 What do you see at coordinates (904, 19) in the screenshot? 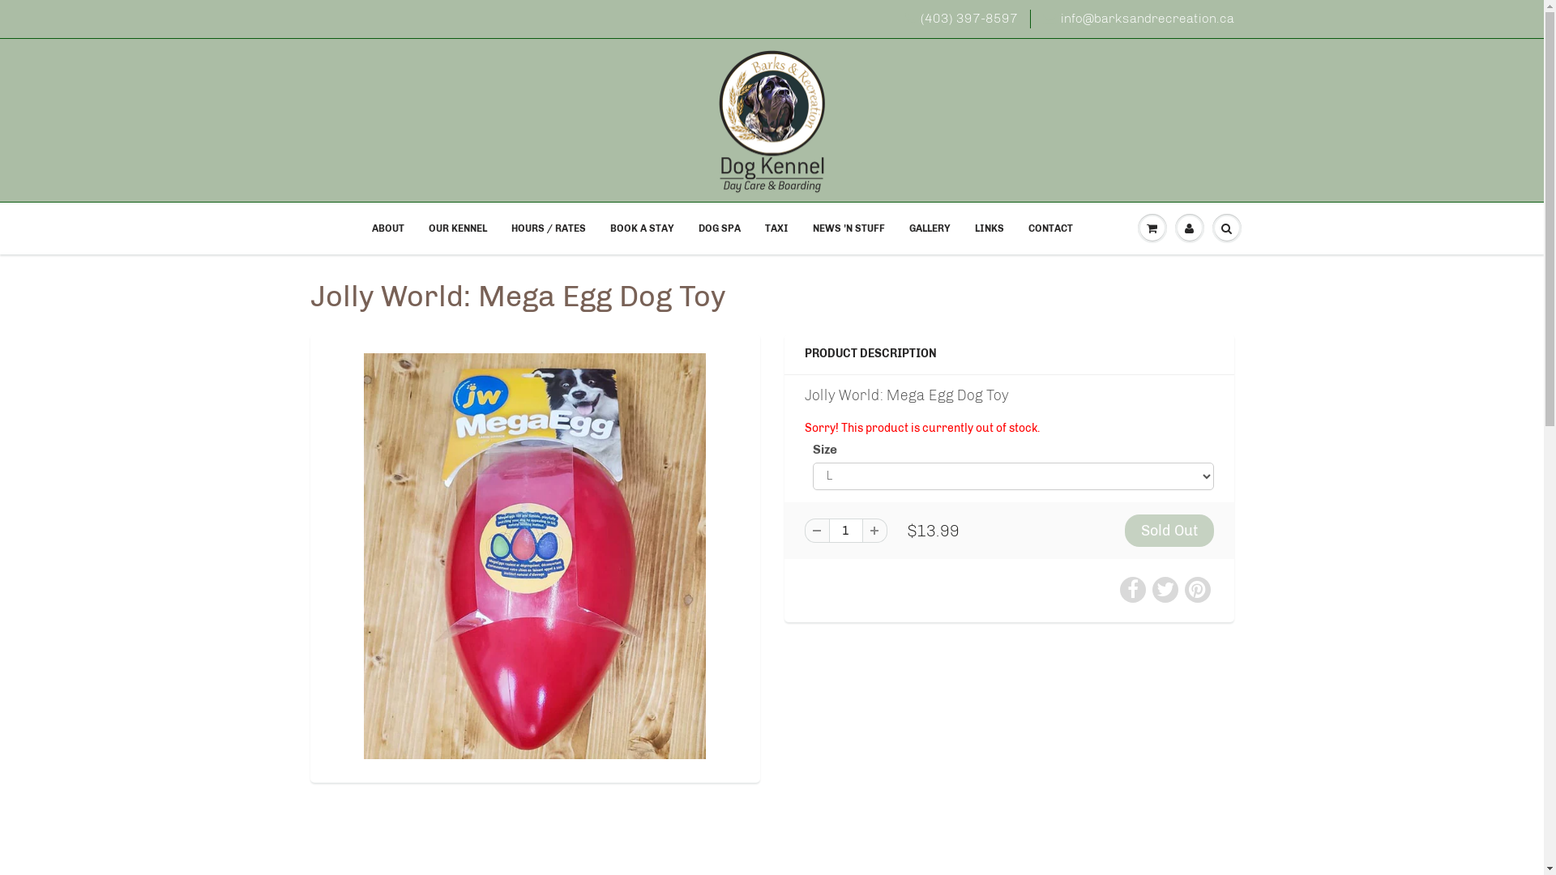
I see `'(403) 397-8597'` at bounding box center [904, 19].